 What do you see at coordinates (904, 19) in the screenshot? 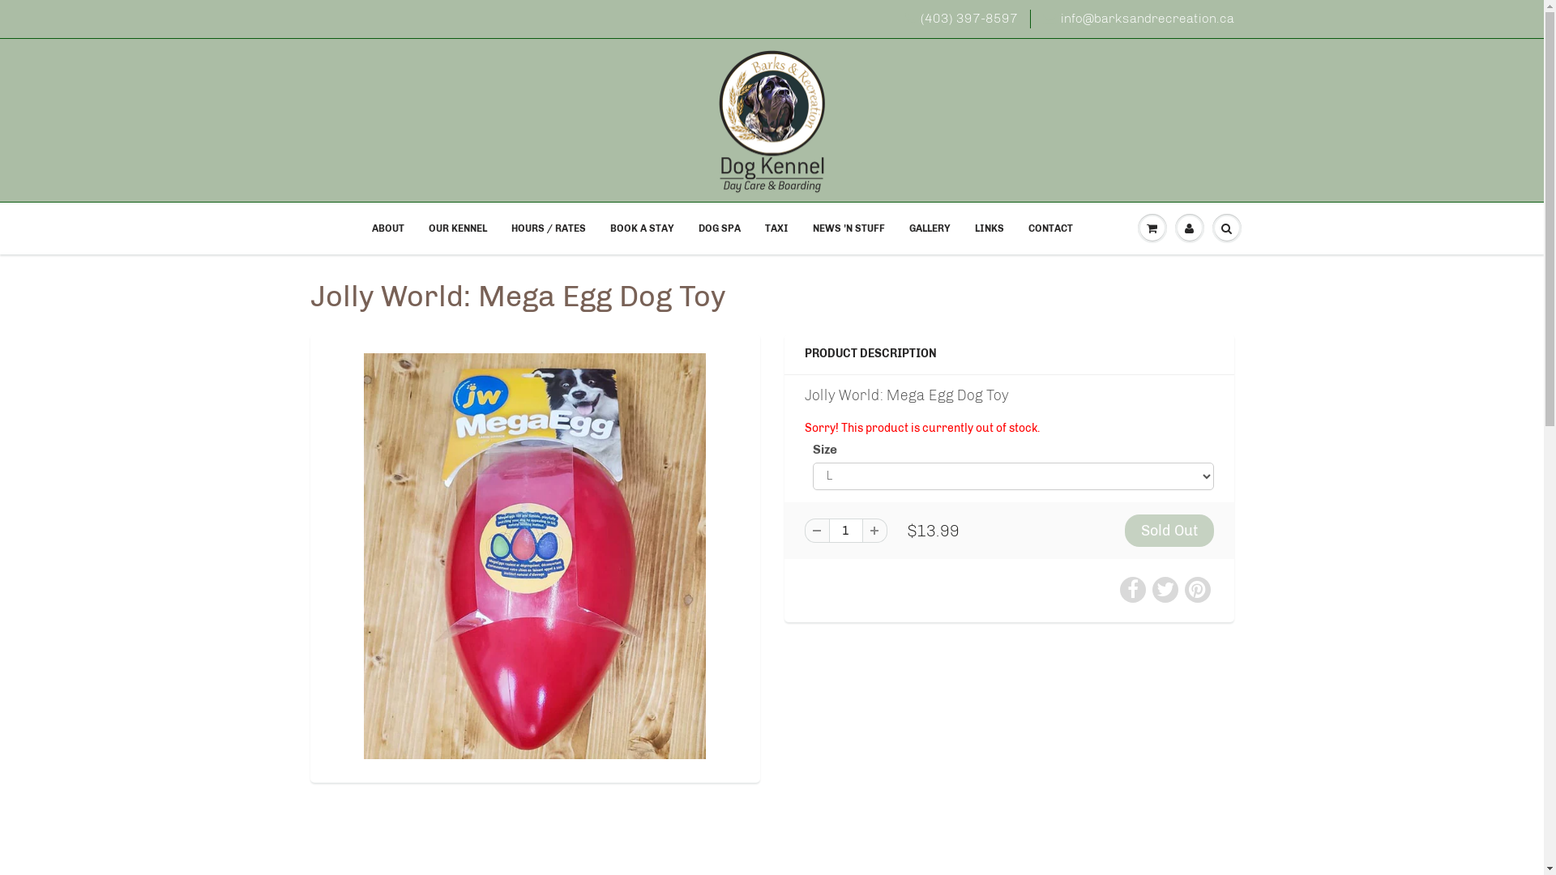
I see `'(403) 397-8597'` at bounding box center [904, 19].